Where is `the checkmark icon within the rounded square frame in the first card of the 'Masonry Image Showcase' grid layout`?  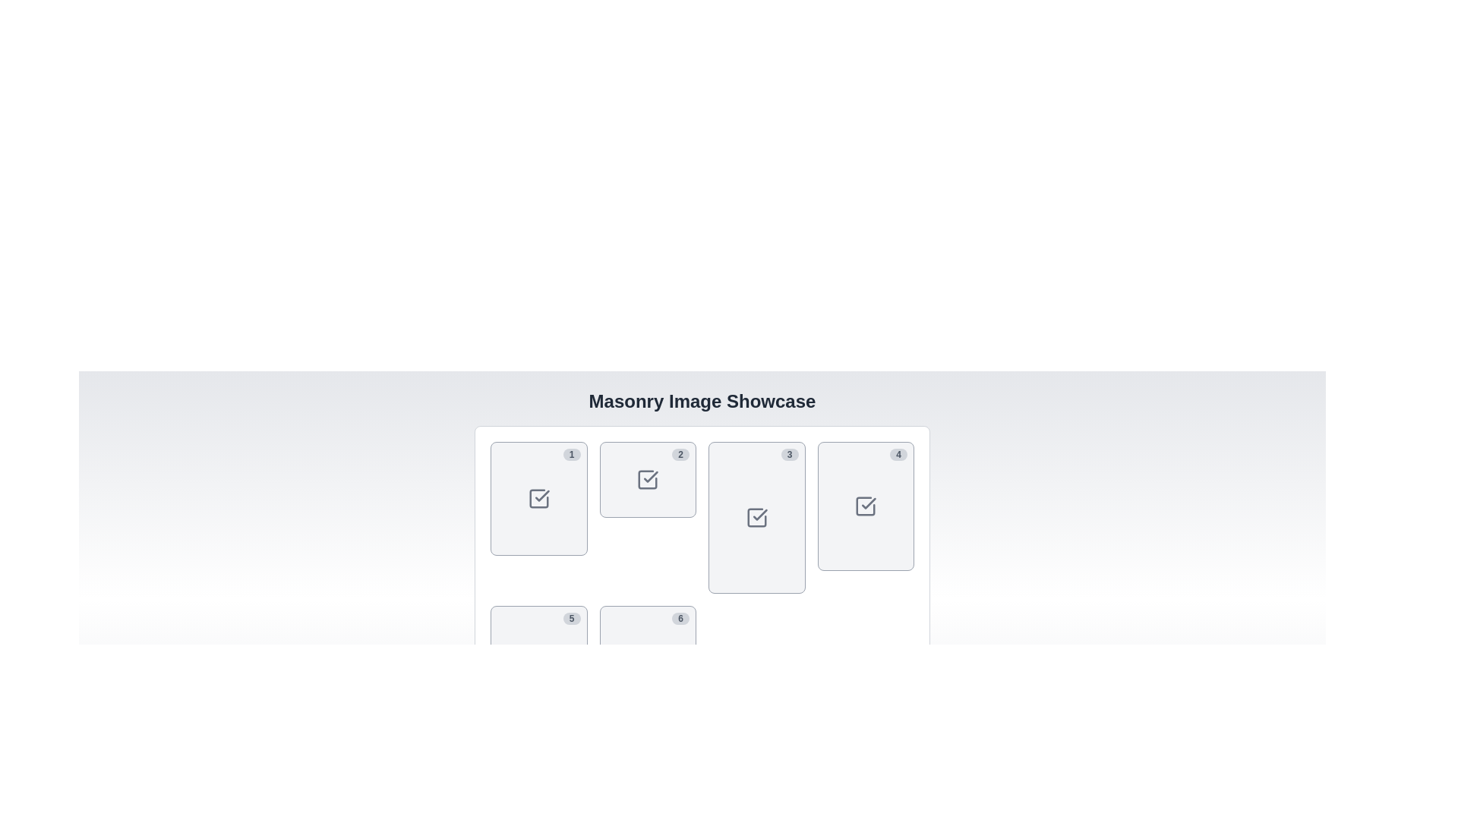
the checkmark icon within the rounded square frame in the first card of the 'Masonry Image Showcase' grid layout is located at coordinates (538, 498).